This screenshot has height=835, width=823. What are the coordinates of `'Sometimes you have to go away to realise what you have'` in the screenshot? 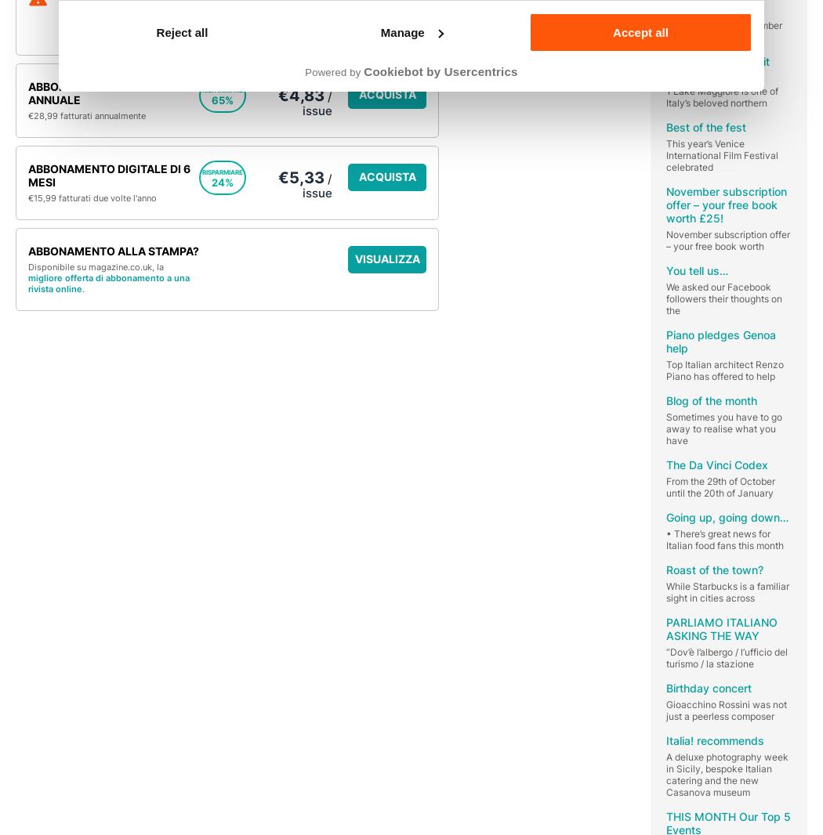 It's located at (724, 427).